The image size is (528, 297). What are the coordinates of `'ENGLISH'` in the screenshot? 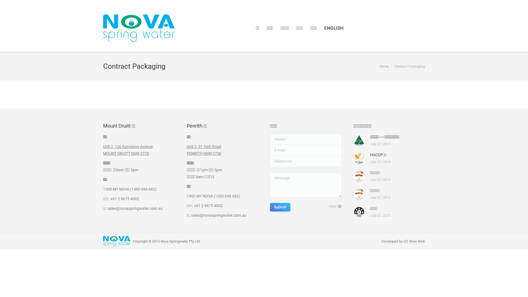 It's located at (334, 28).